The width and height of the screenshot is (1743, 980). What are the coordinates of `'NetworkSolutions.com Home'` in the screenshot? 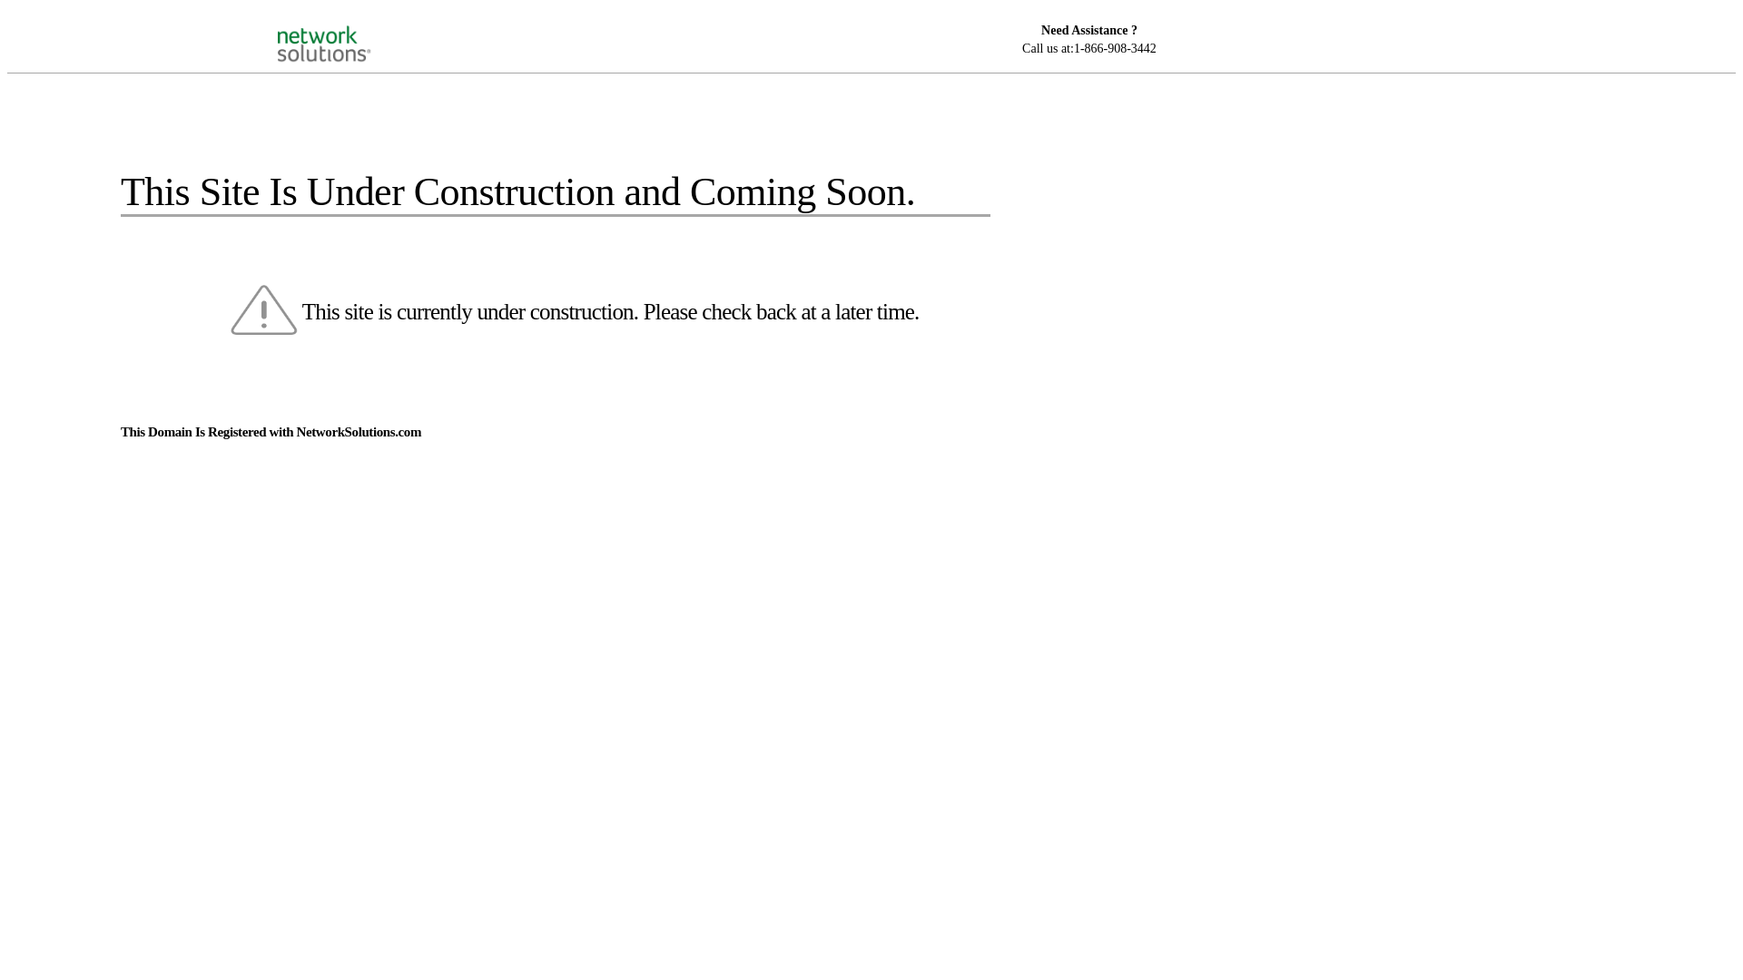 It's located at (347, 27).